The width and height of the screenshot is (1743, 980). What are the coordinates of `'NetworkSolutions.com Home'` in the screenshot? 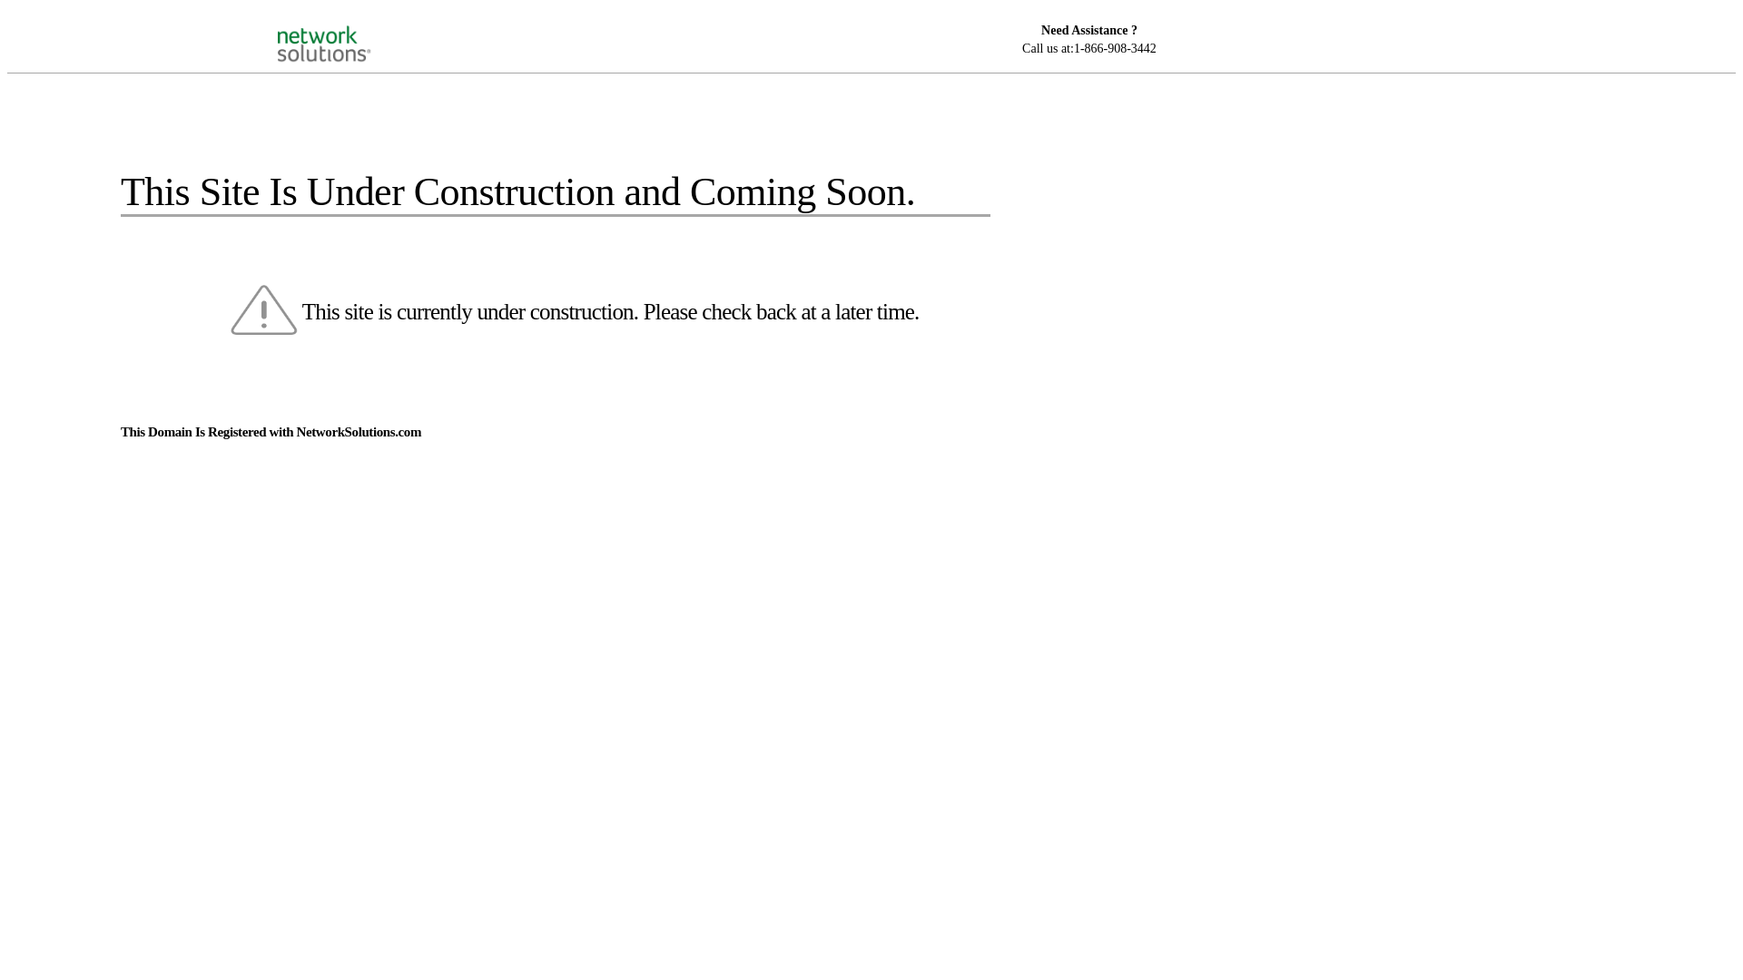 It's located at (347, 27).